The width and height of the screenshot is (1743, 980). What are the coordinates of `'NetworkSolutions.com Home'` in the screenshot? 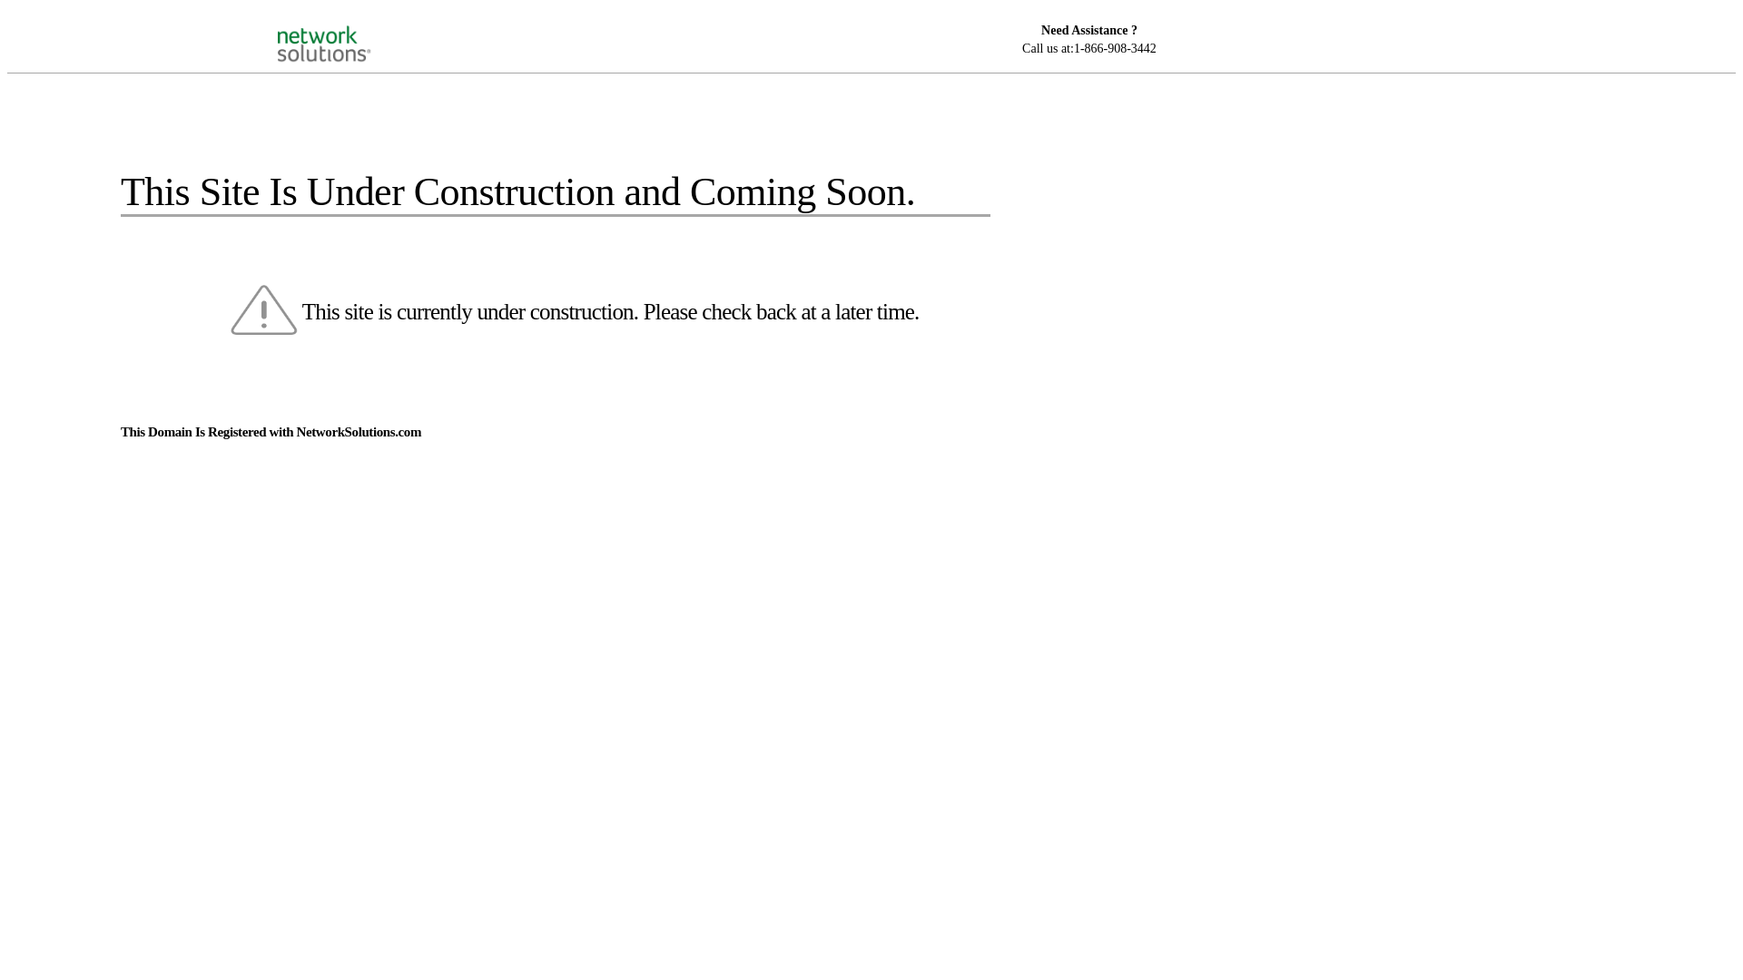 It's located at (347, 27).